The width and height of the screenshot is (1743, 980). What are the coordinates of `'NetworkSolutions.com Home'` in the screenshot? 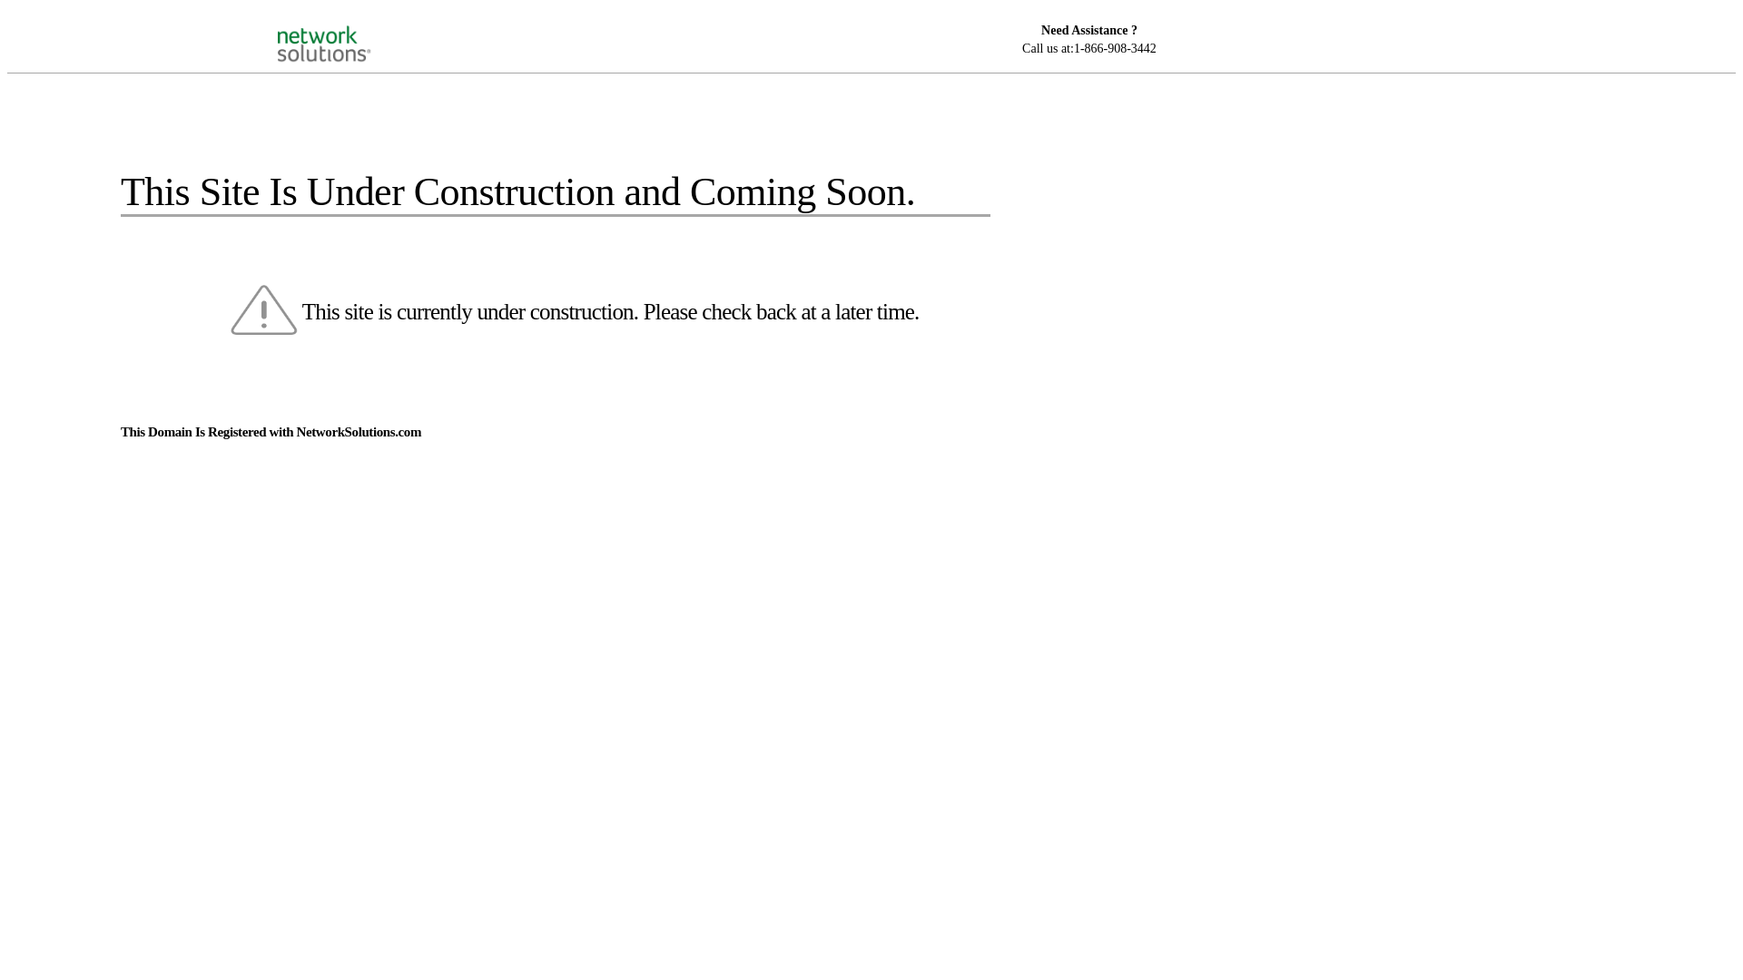 It's located at (347, 27).